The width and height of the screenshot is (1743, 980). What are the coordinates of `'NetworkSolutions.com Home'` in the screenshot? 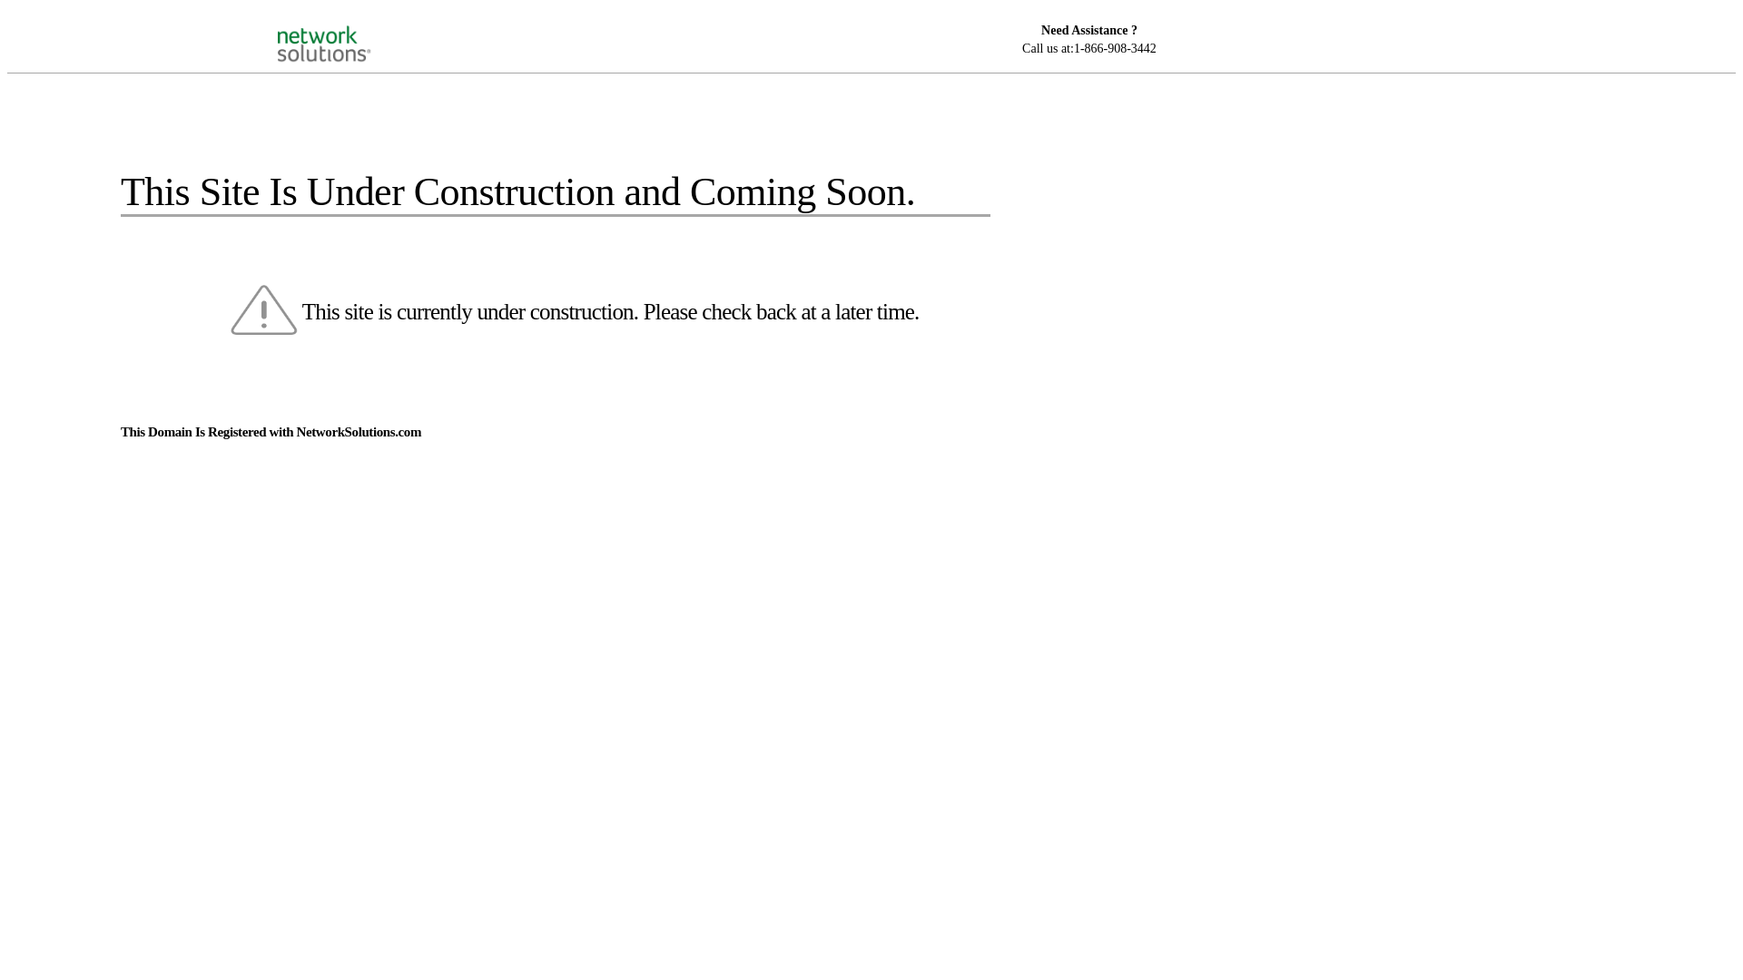 It's located at (347, 27).